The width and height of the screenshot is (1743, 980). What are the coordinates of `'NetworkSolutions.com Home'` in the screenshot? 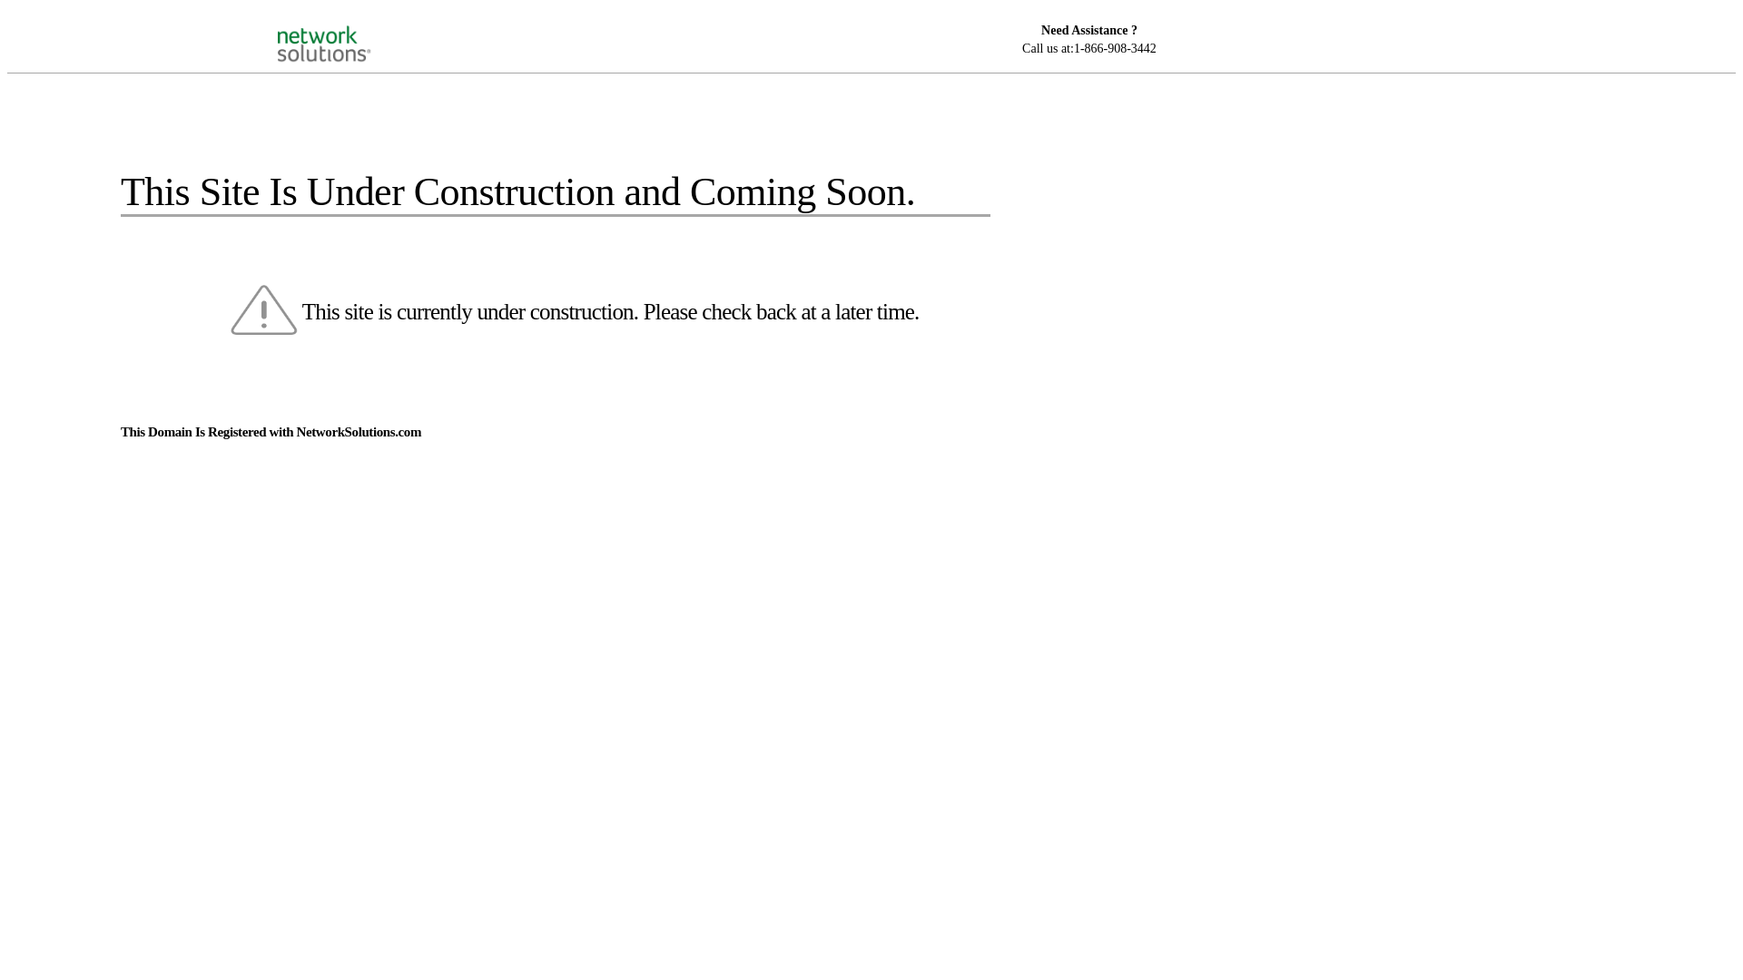 It's located at (347, 27).